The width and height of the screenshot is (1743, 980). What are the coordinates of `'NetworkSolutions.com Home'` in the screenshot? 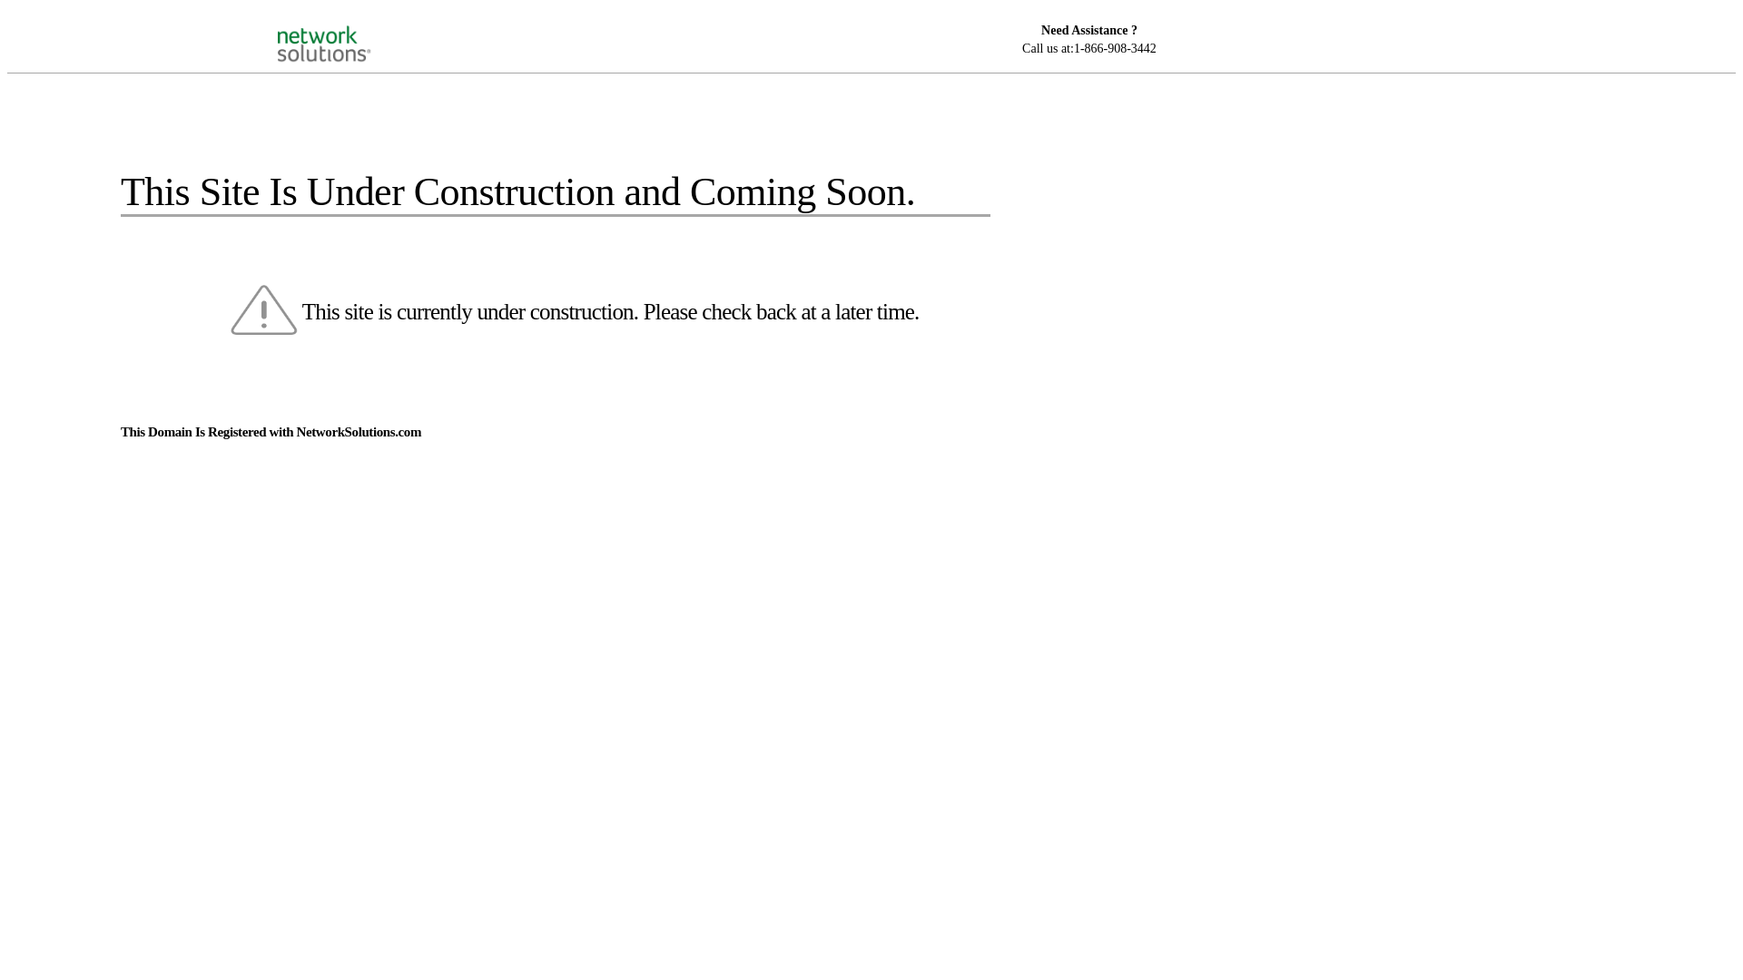 It's located at (347, 27).